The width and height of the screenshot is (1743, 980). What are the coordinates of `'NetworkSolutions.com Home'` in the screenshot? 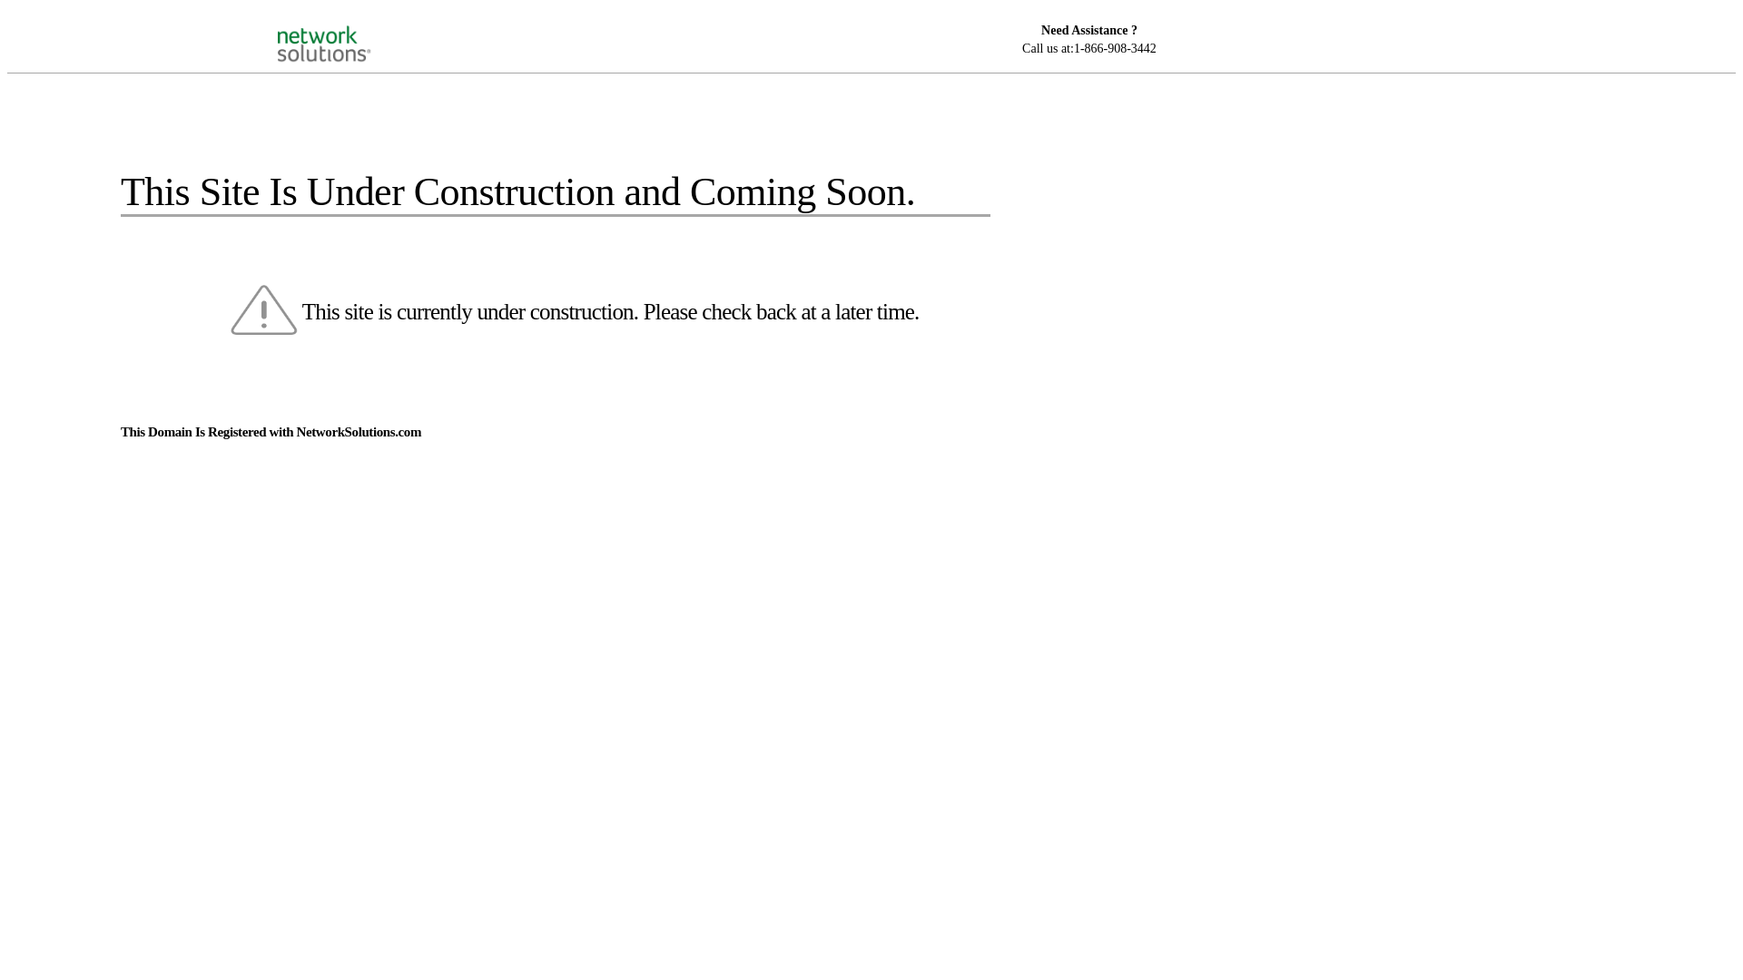 It's located at (347, 27).